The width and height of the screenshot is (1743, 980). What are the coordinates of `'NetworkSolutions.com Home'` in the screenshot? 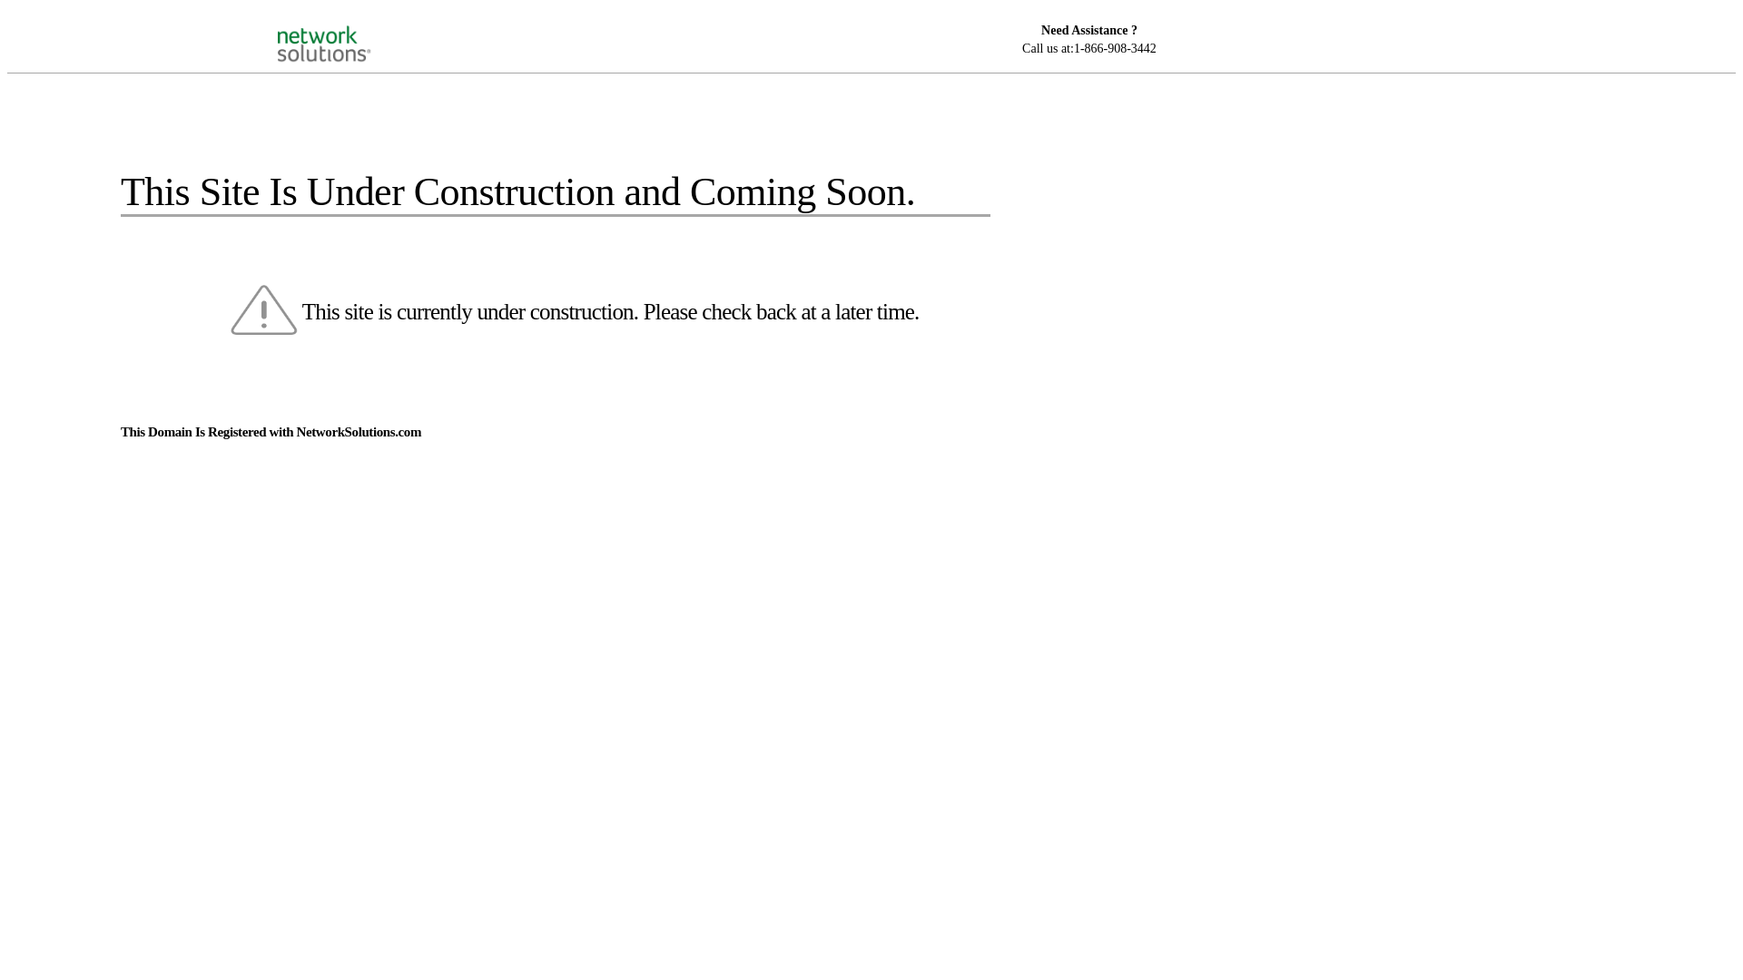 It's located at (347, 27).